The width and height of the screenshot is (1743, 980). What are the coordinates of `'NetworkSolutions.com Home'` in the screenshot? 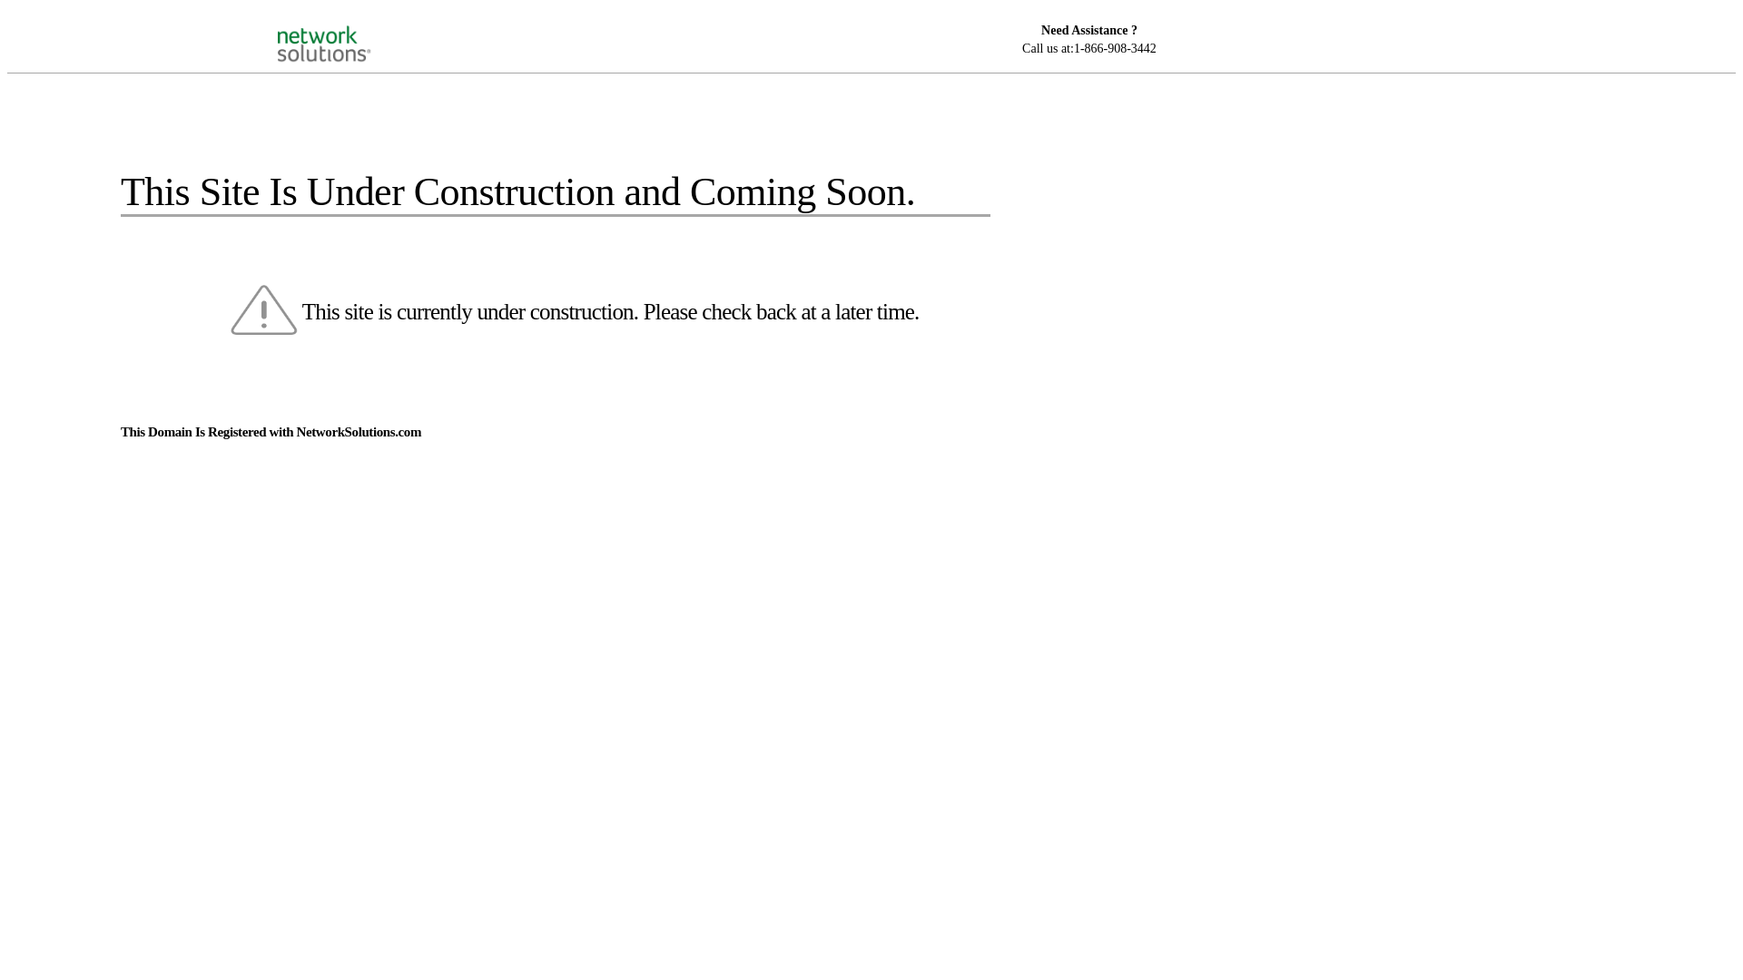 It's located at (347, 27).